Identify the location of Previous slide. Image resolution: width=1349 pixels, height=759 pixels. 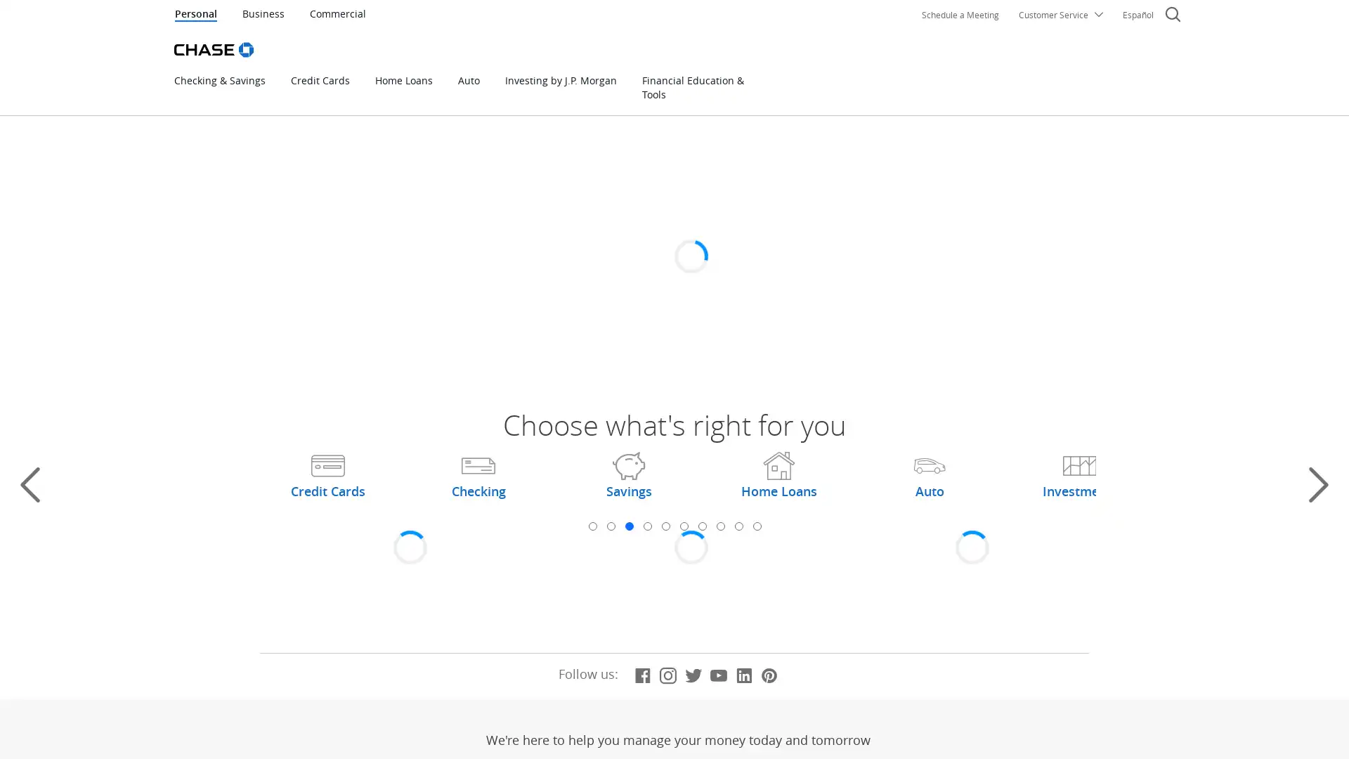
(30, 484).